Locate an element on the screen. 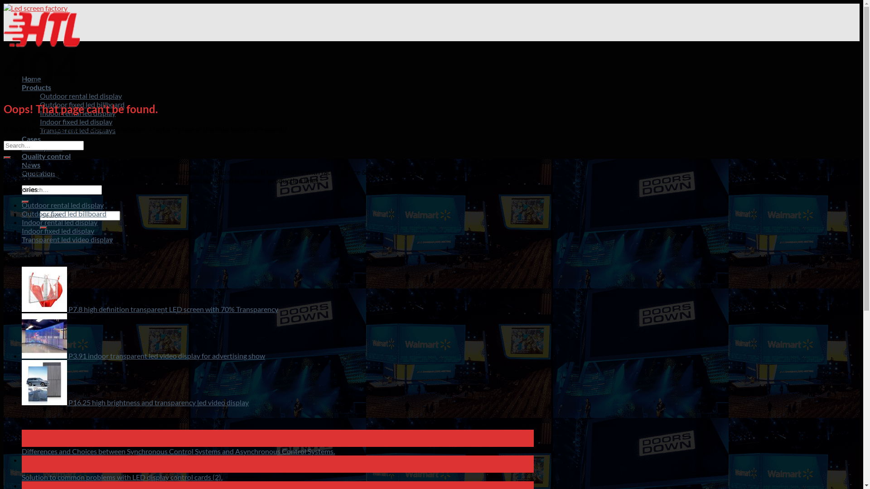 The image size is (870, 489). 'Products' is located at coordinates (36, 87).